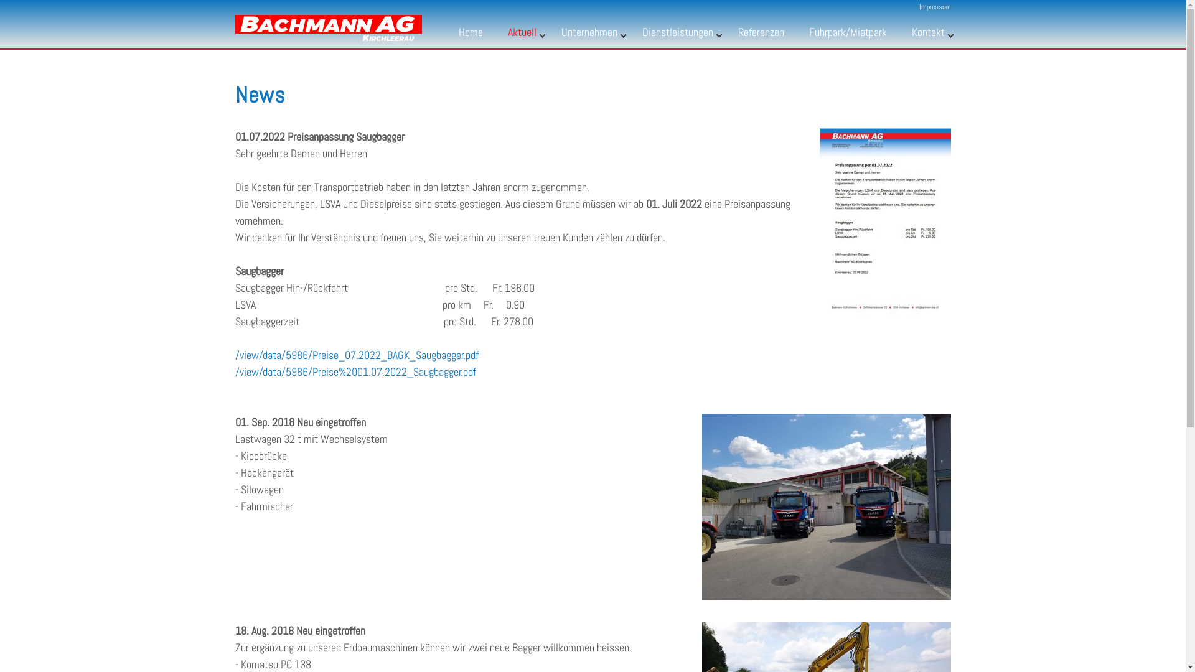 The width and height of the screenshot is (1195, 672). Describe the element at coordinates (677, 35) in the screenshot. I see `'Dienstleistungen'` at that location.